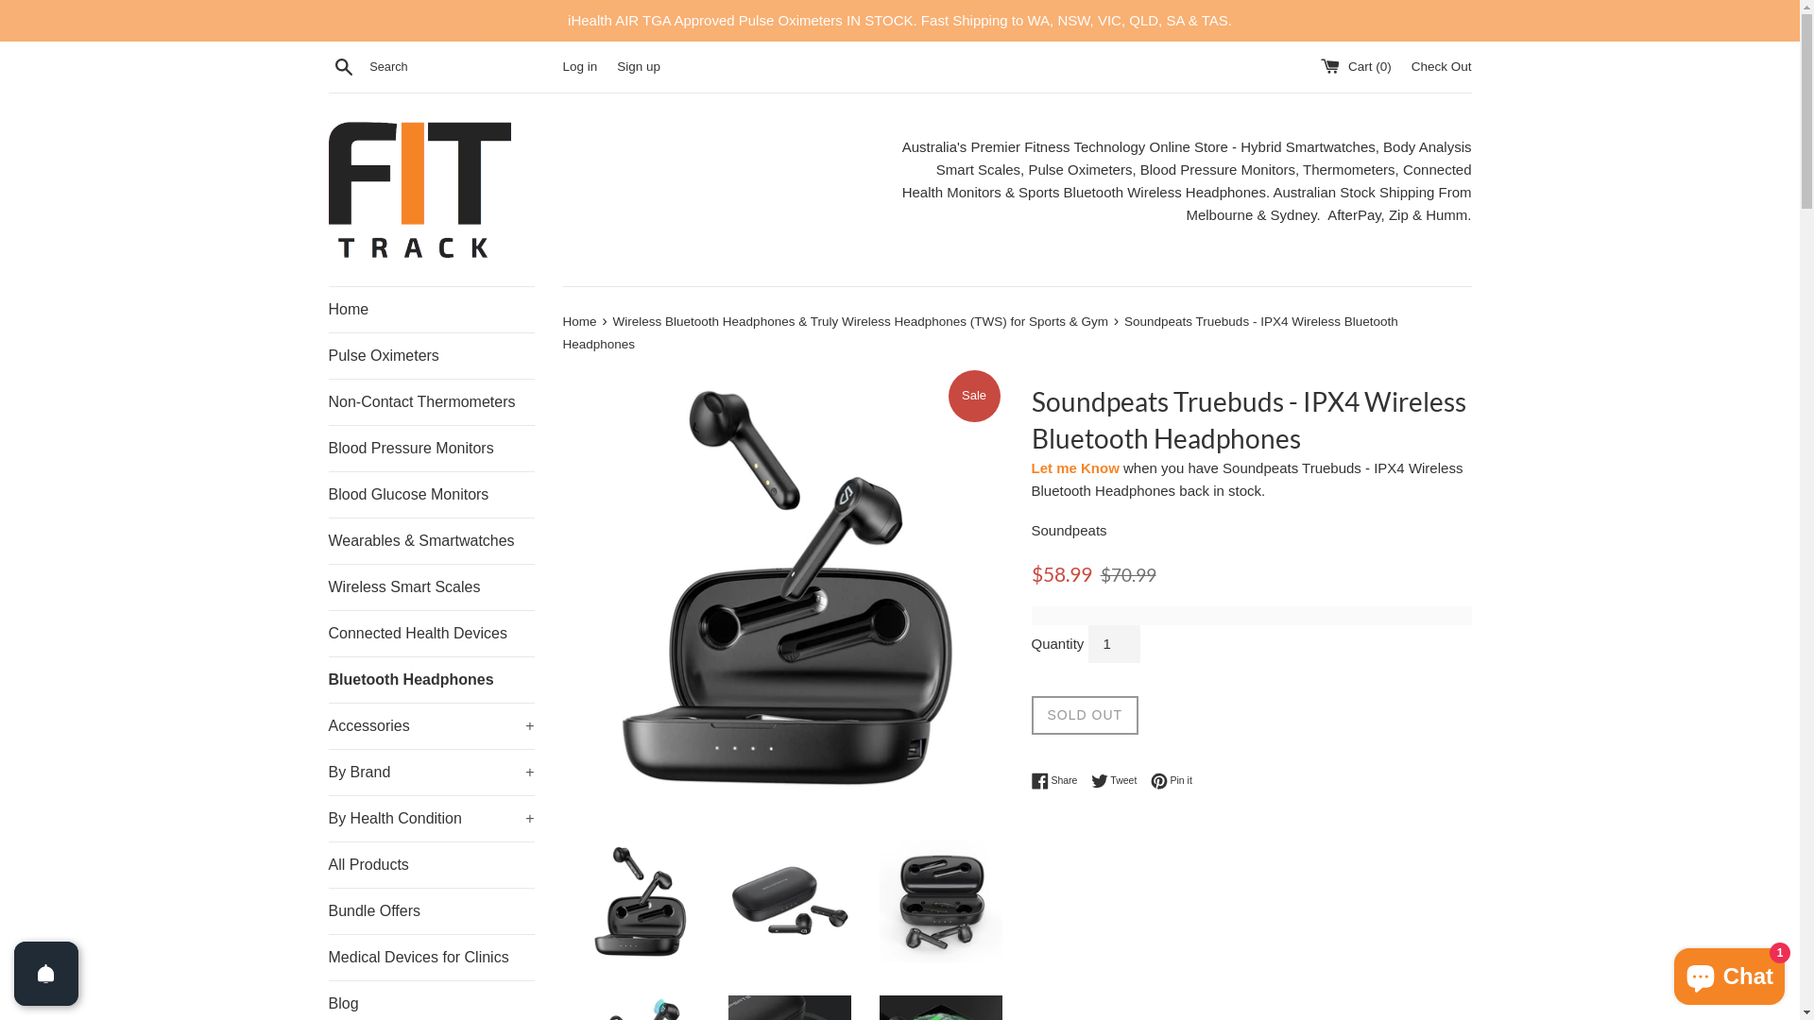  I want to click on 'Bundle Offers', so click(328, 909).